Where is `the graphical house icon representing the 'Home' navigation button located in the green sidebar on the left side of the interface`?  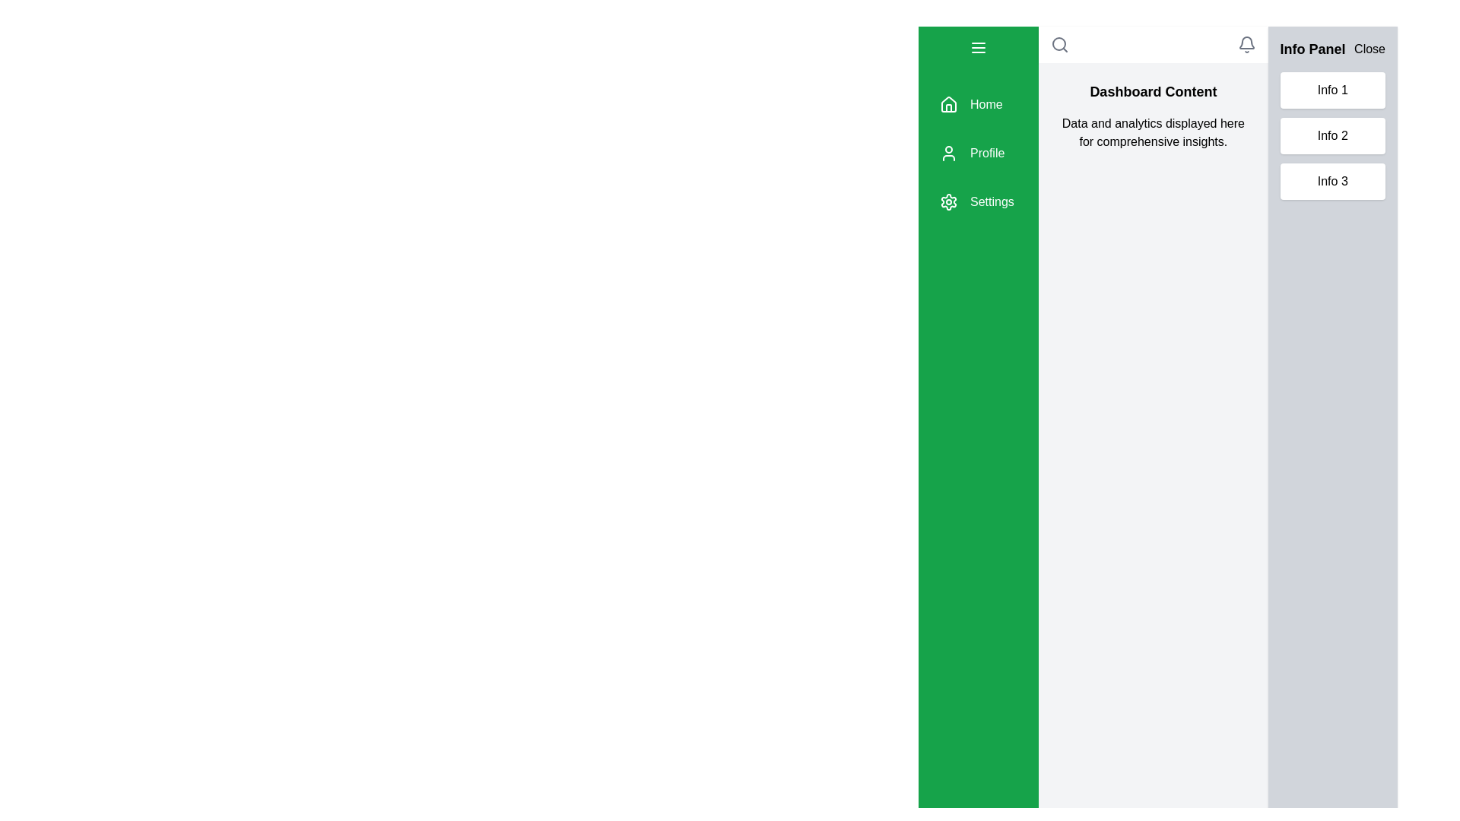 the graphical house icon representing the 'Home' navigation button located in the green sidebar on the left side of the interface is located at coordinates (948, 107).